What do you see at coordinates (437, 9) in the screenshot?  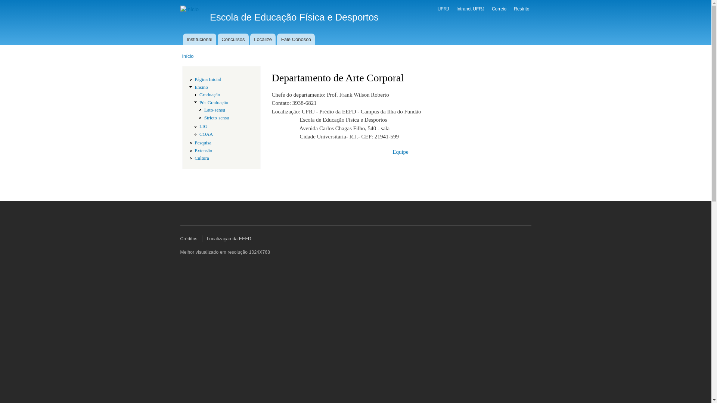 I see `'UFRJ'` at bounding box center [437, 9].